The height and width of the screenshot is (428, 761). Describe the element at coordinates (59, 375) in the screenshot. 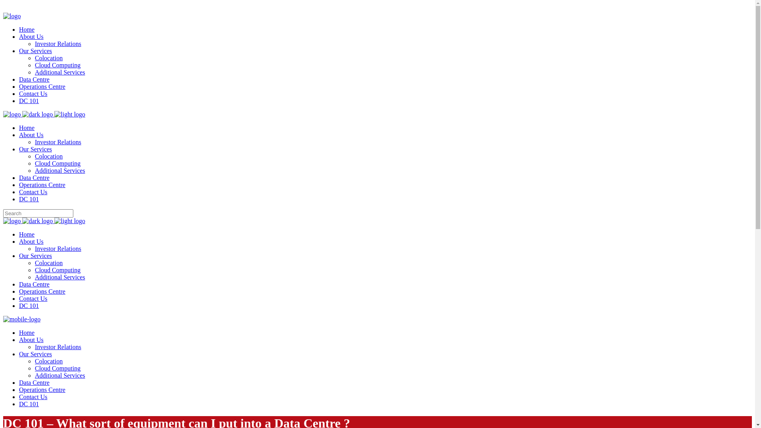

I see `'Additional Services'` at that location.